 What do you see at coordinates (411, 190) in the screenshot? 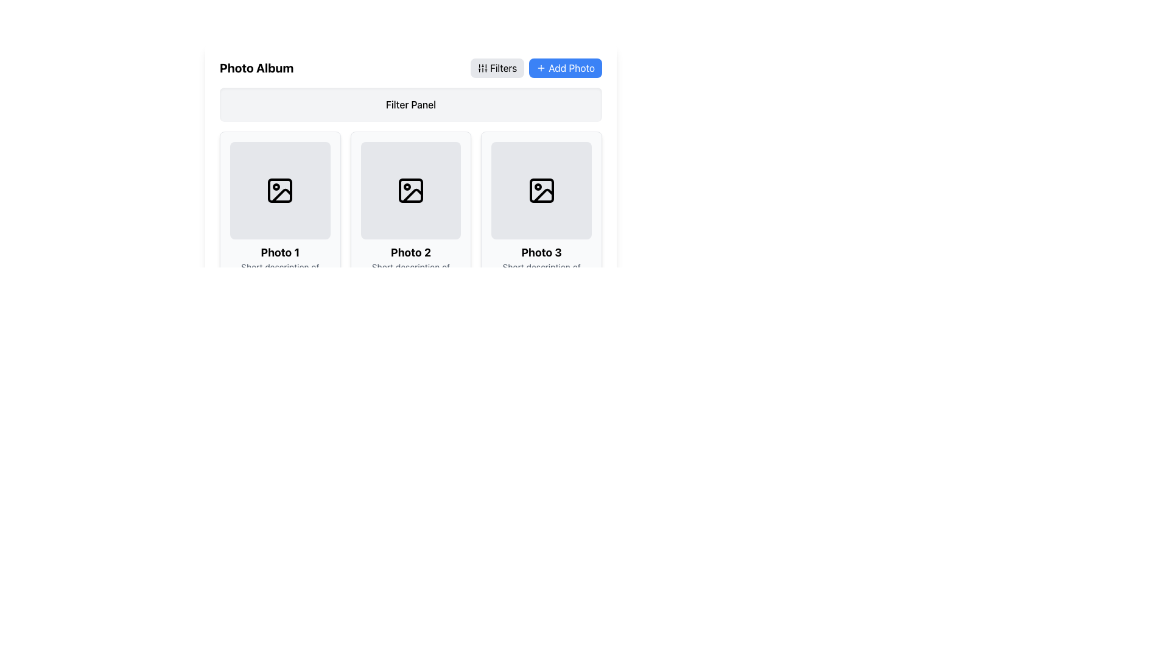
I see `the icon part of the second photo thumbnail card, which is visually represented by a decorative feature and is centered within the icon area` at bounding box center [411, 190].